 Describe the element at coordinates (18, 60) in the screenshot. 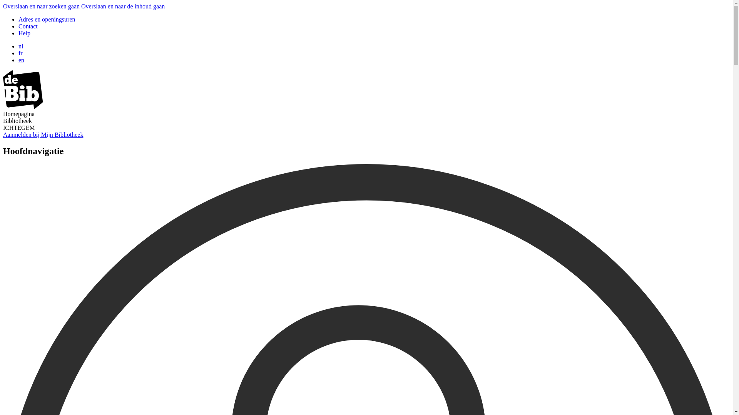

I see `'en'` at that location.